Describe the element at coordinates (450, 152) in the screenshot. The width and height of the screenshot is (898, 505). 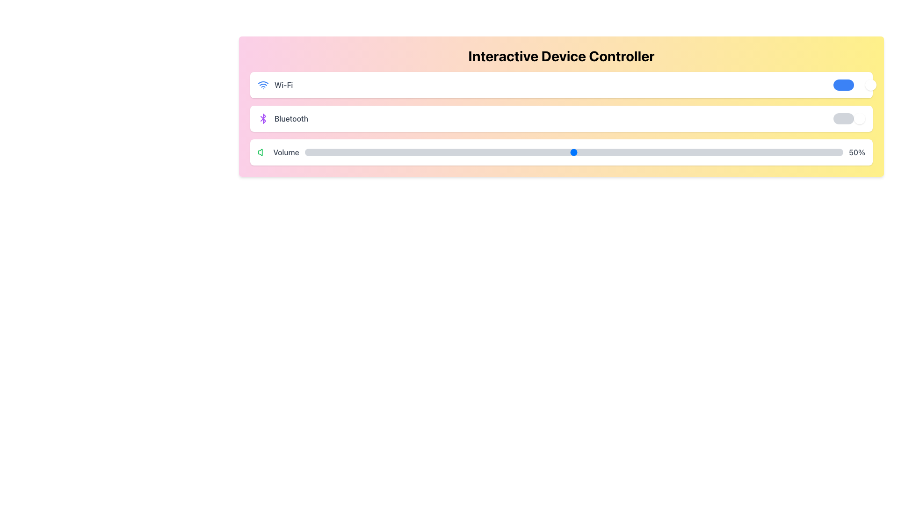
I see `the volume` at that location.